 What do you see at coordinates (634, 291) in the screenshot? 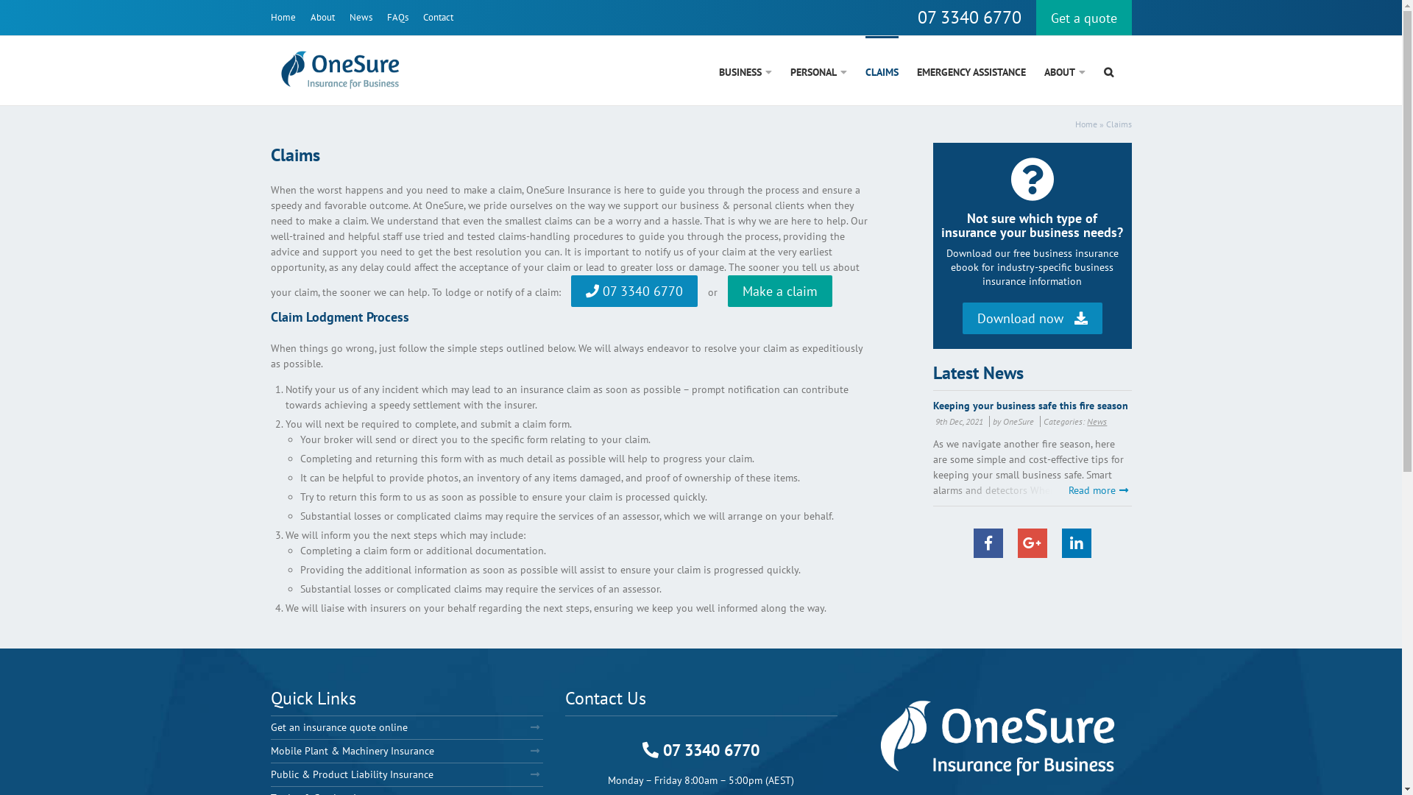
I see `'07 3340 6770'` at bounding box center [634, 291].